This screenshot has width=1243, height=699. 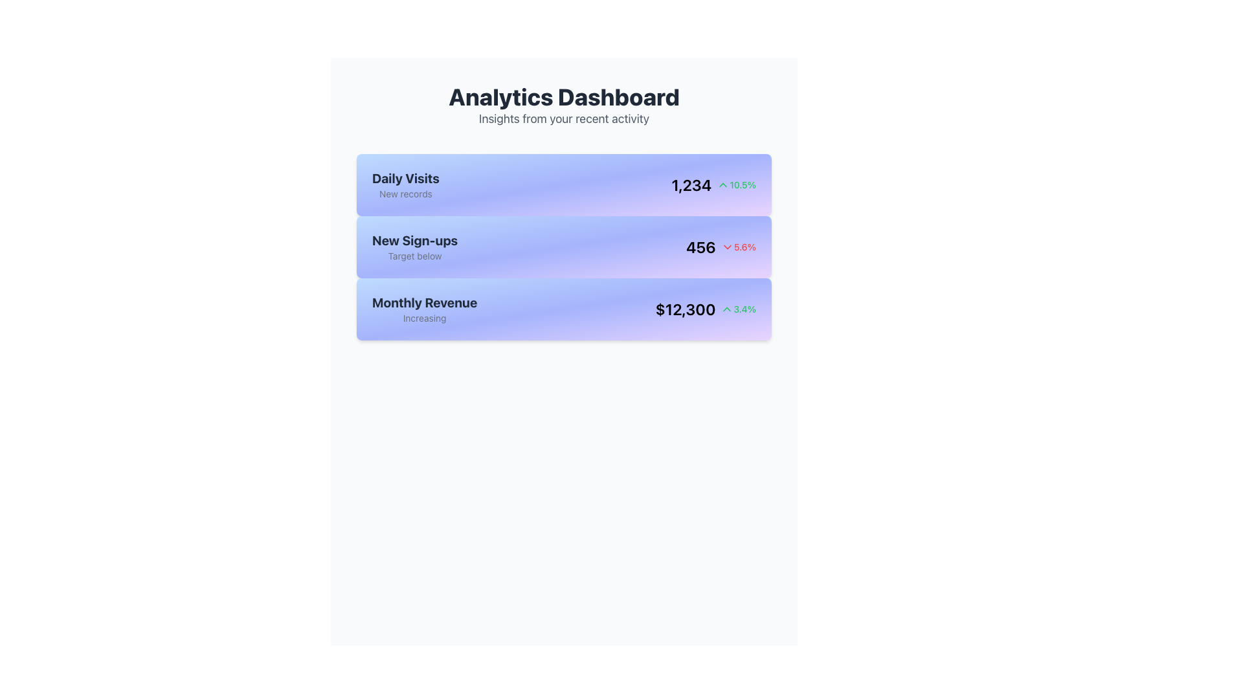 I want to click on the static text element displaying '10.5%' within the 'Daily Visits' card, styled in green to indicate a positive metric, so click(x=736, y=184).